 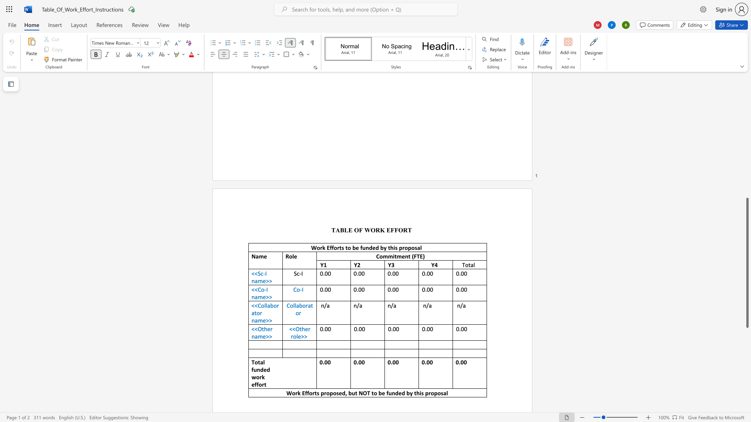 What do you see at coordinates (747, 152) in the screenshot?
I see `the scrollbar on the right to move the page upward` at bounding box center [747, 152].